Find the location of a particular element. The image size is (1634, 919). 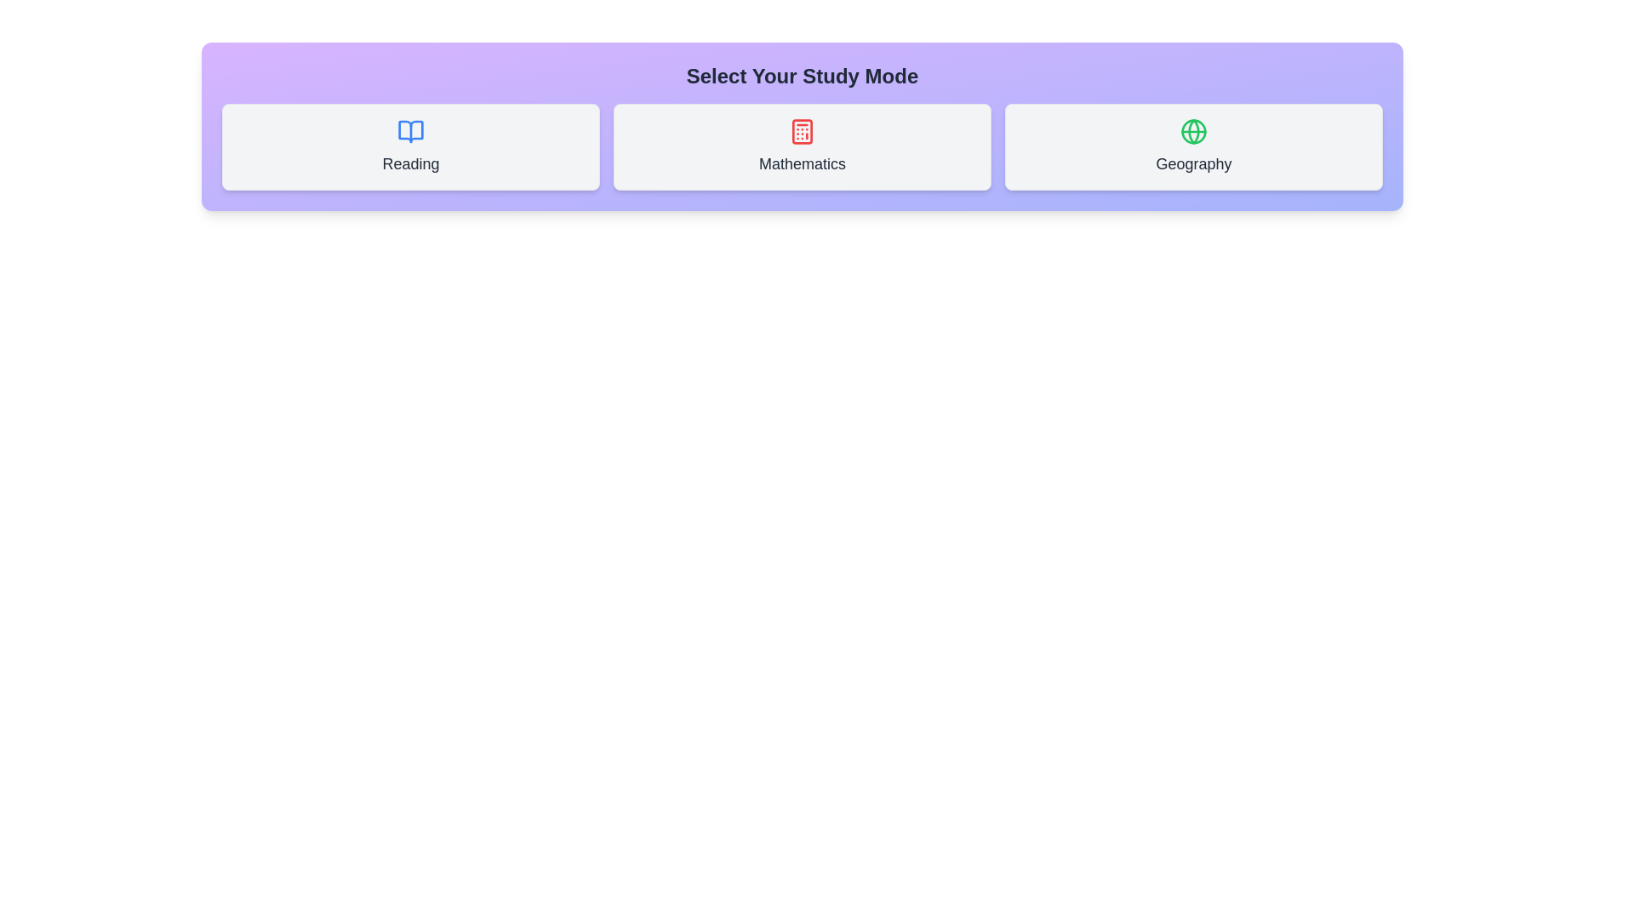

the button corresponding to the study mode Mathematics is located at coordinates (801, 146).